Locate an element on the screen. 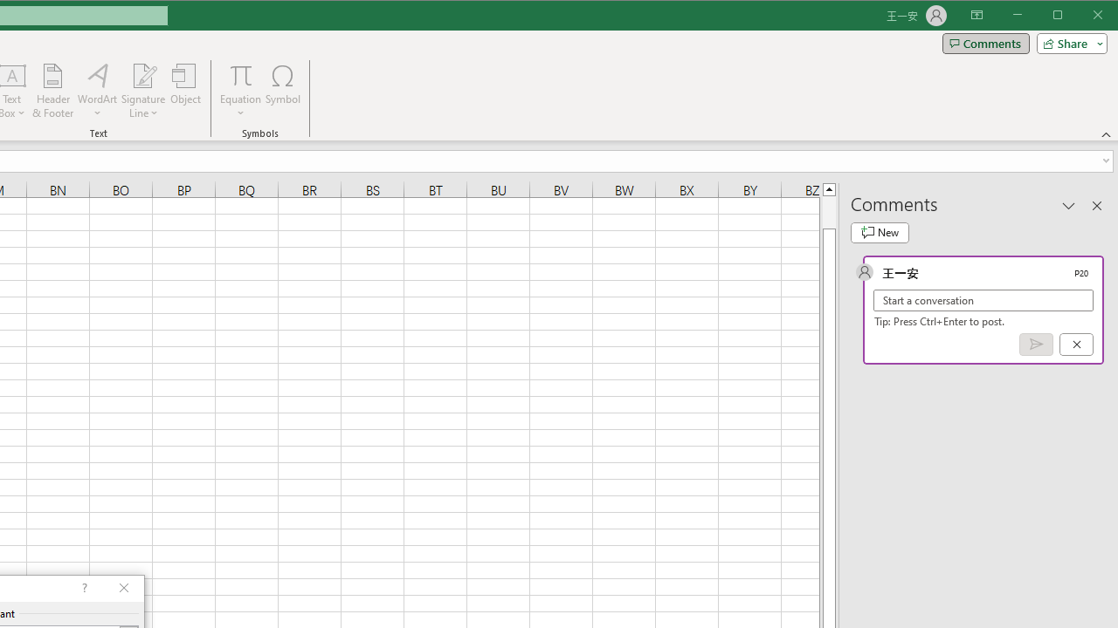  'Cancel' is located at coordinates (1075, 345).